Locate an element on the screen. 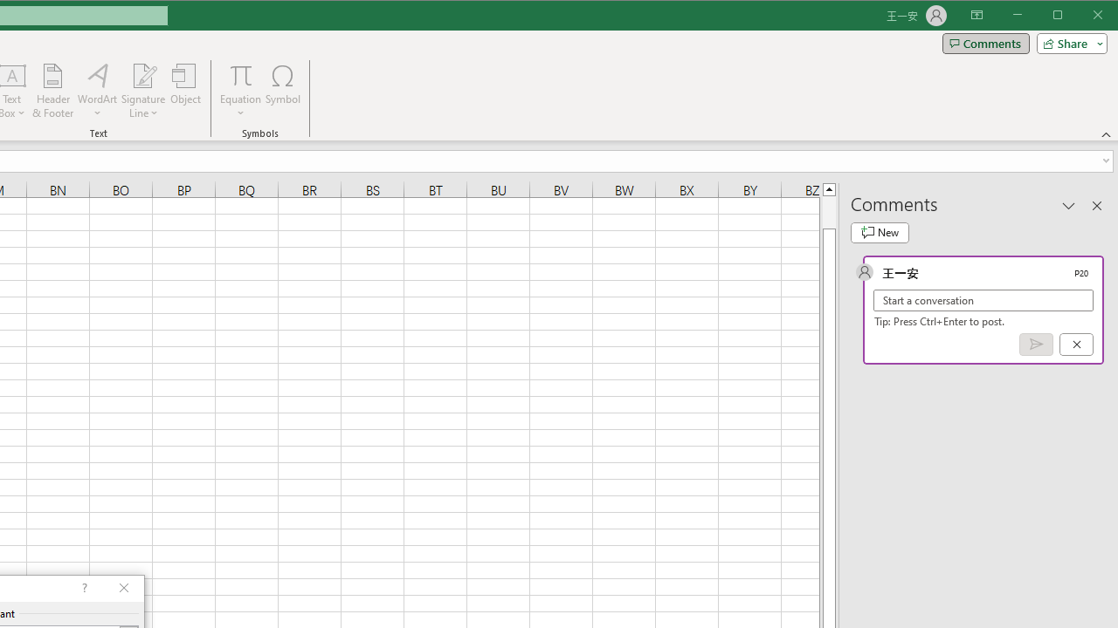  'Cancel' is located at coordinates (1075, 345).